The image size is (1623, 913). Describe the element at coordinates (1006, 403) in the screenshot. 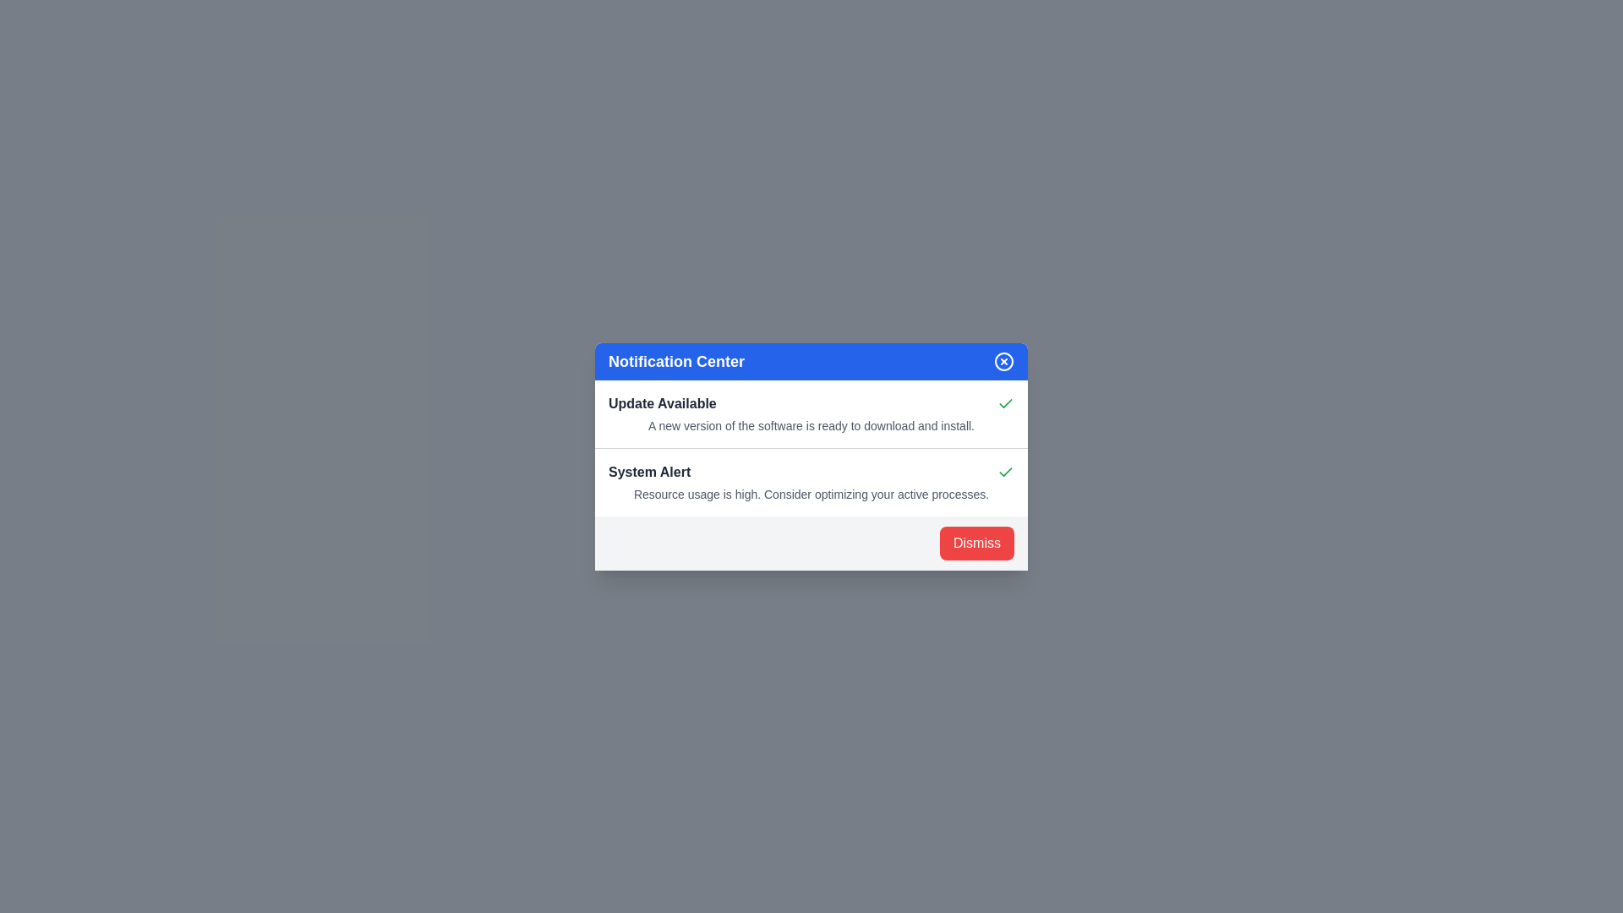

I see `the icon associated with the notification to observe its details` at that location.